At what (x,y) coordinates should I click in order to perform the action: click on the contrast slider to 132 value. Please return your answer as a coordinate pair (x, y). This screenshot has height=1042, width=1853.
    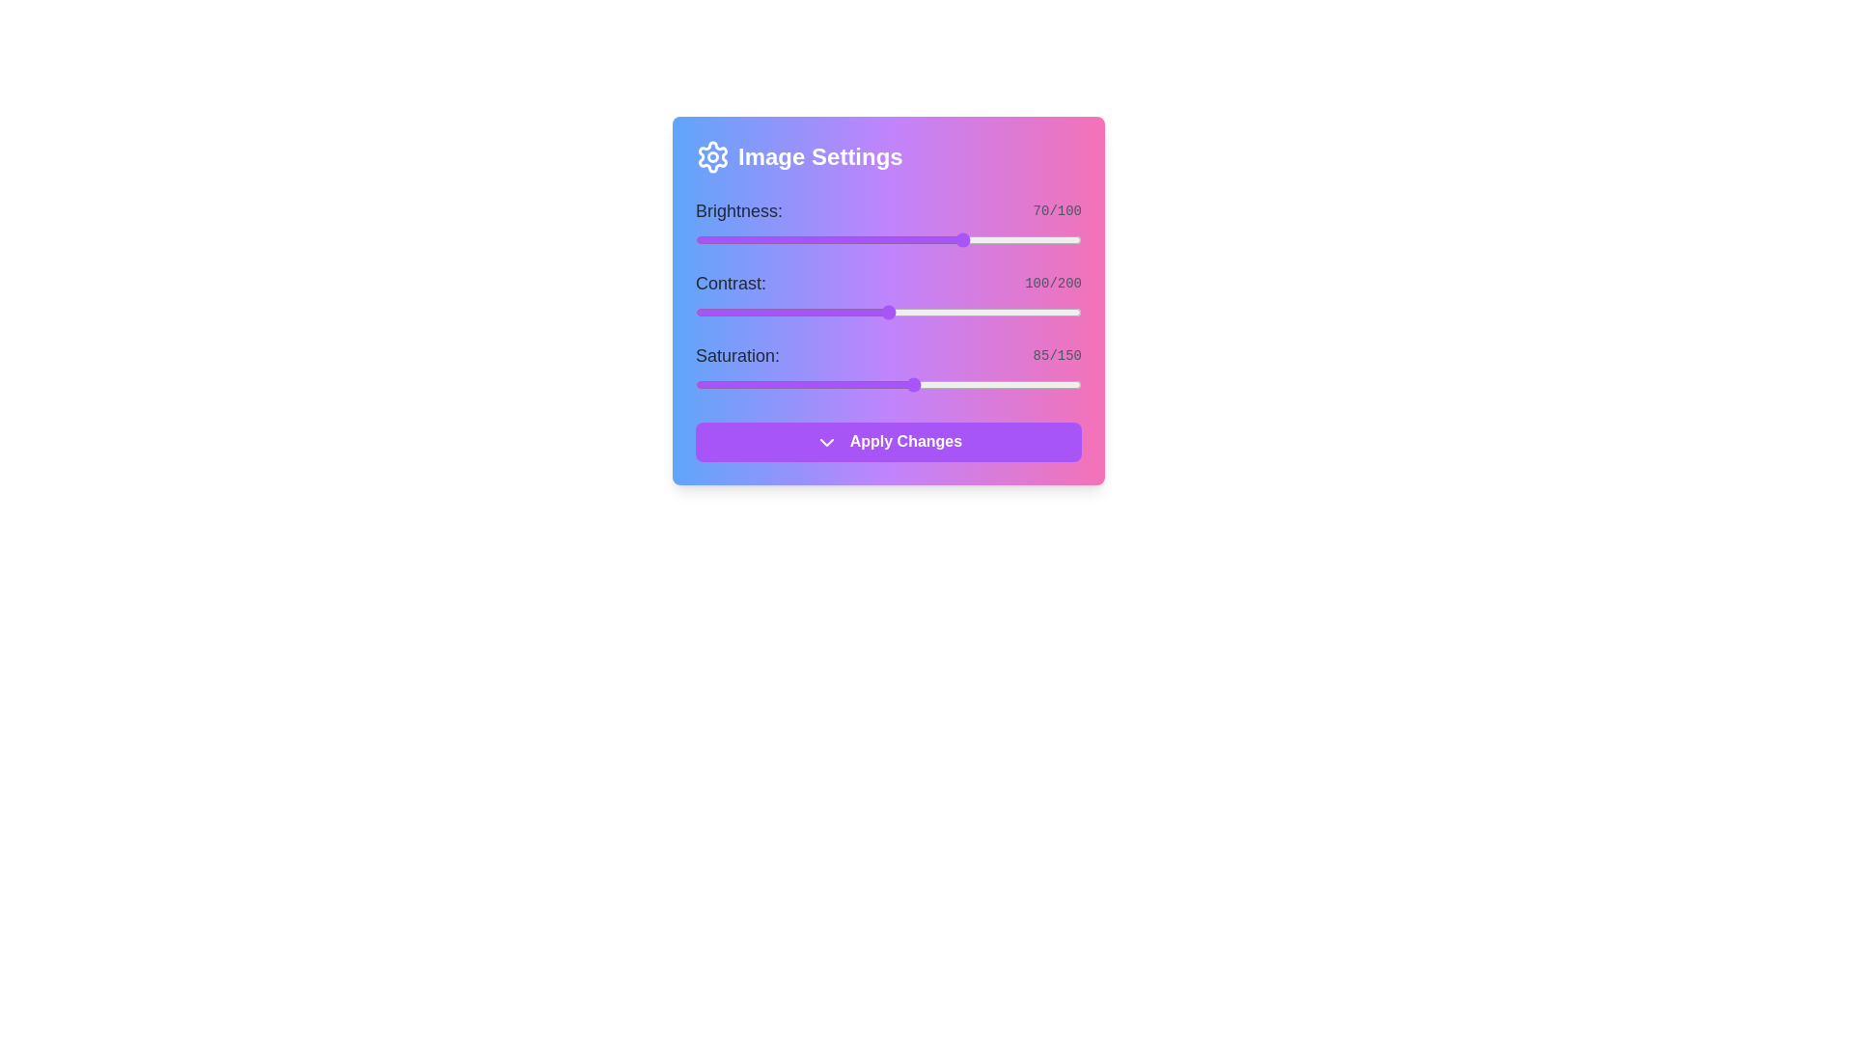
    Looking at the image, I should click on (950, 312).